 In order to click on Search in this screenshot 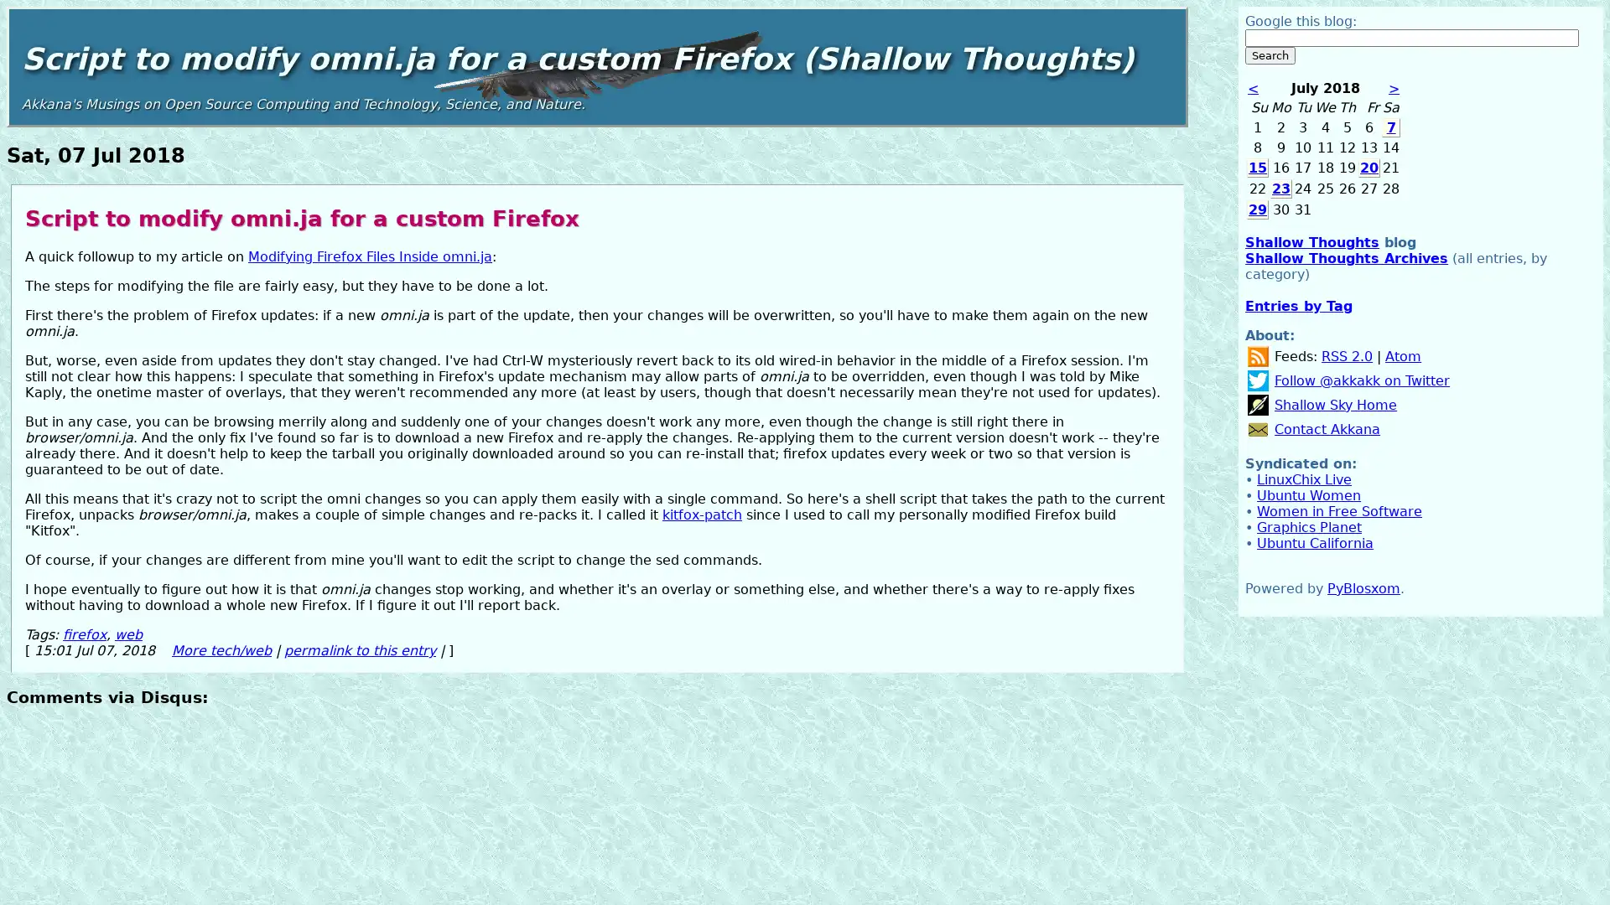, I will do `click(1270, 54)`.